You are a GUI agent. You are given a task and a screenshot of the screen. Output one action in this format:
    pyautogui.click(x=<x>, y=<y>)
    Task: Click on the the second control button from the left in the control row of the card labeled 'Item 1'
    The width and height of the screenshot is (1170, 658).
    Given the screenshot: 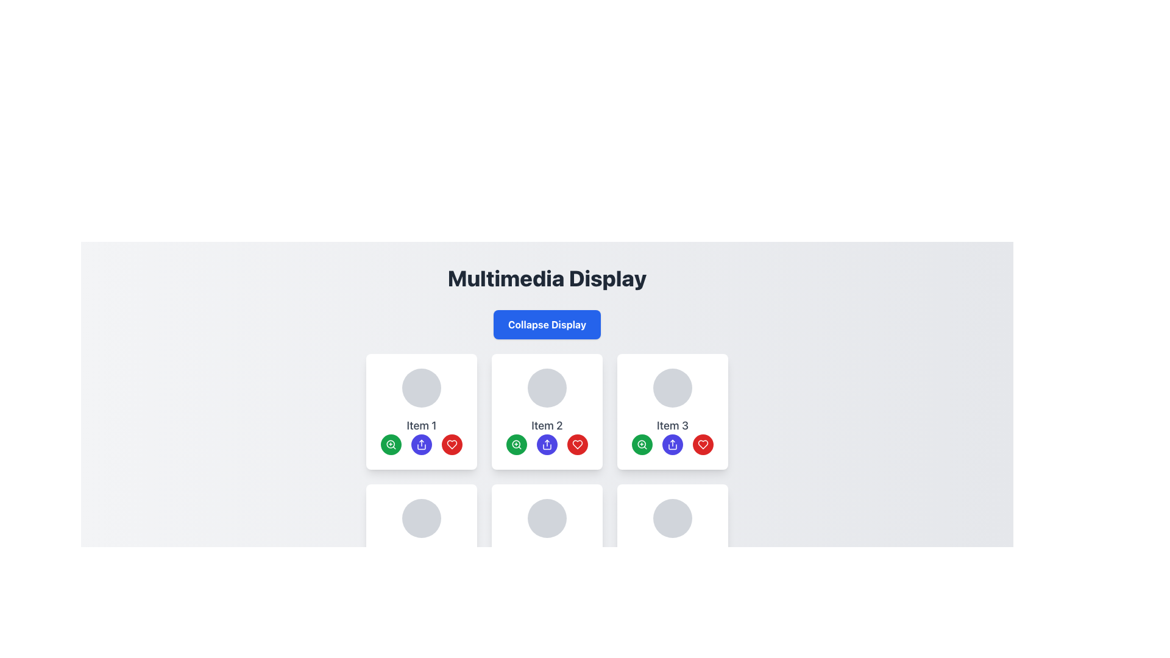 What is the action you would take?
    pyautogui.click(x=421, y=444)
    